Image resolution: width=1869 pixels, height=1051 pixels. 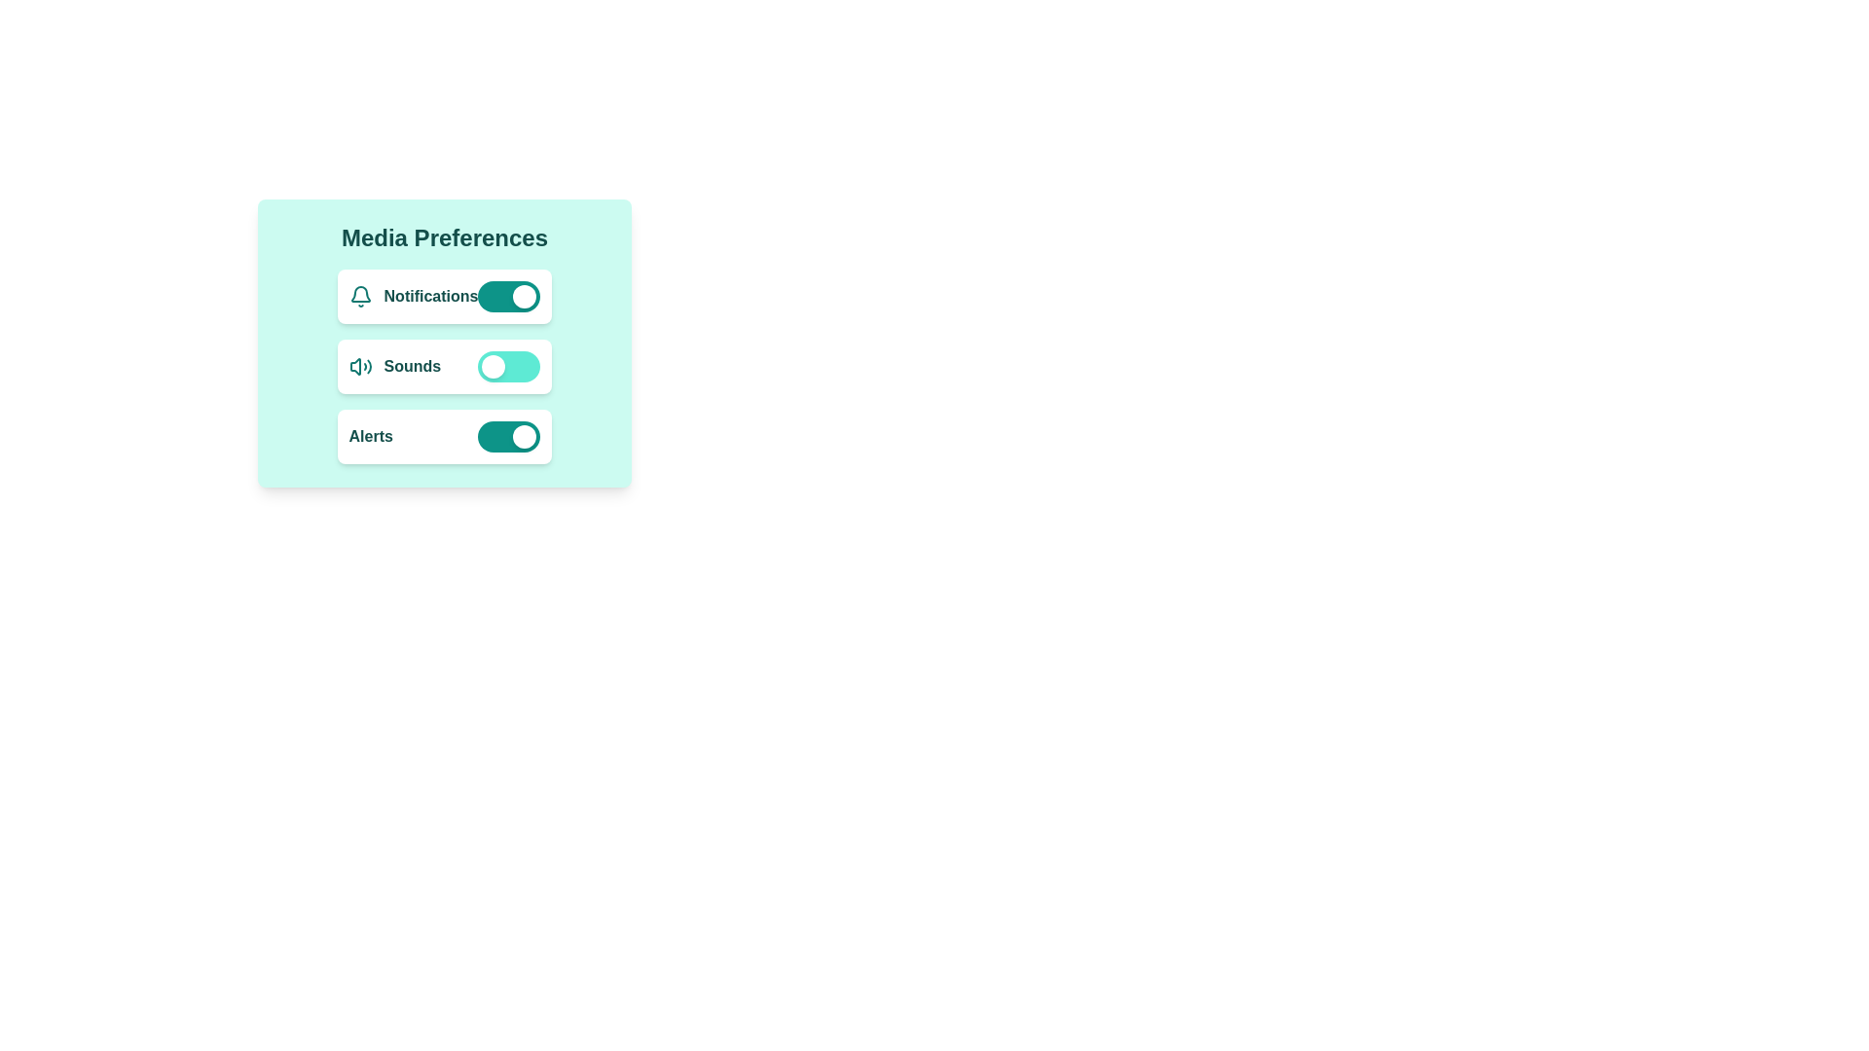 What do you see at coordinates (443, 367) in the screenshot?
I see `the interactive toggle switch in the second row of the 'Media Preferences' settings` at bounding box center [443, 367].